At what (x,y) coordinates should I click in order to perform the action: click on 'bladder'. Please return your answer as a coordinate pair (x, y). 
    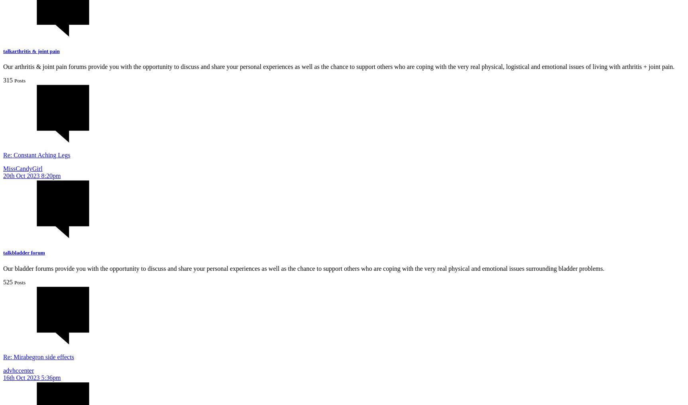
    Looking at the image, I should click on (12, 252).